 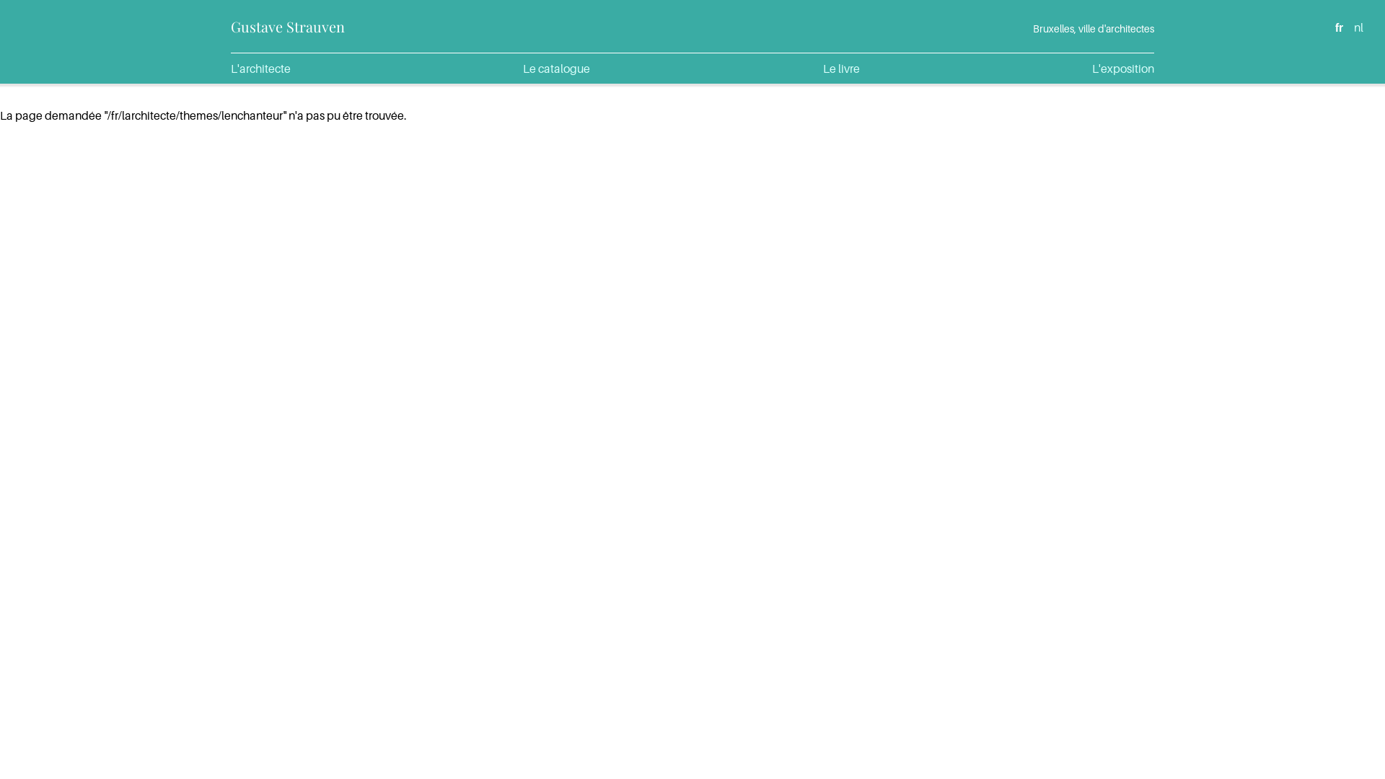 What do you see at coordinates (1094, 28) in the screenshot?
I see `'Bruxelles, ville d'architectes'` at bounding box center [1094, 28].